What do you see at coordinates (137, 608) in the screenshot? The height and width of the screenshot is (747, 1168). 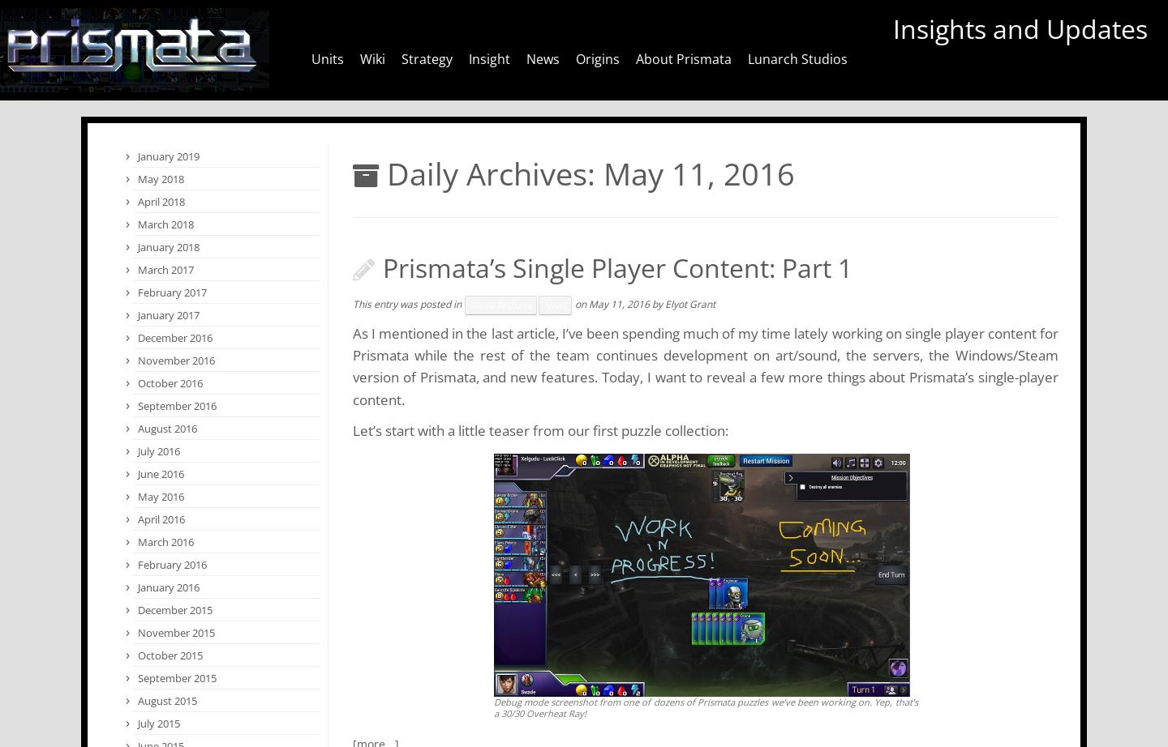 I see `'December 2015'` at bounding box center [137, 608].